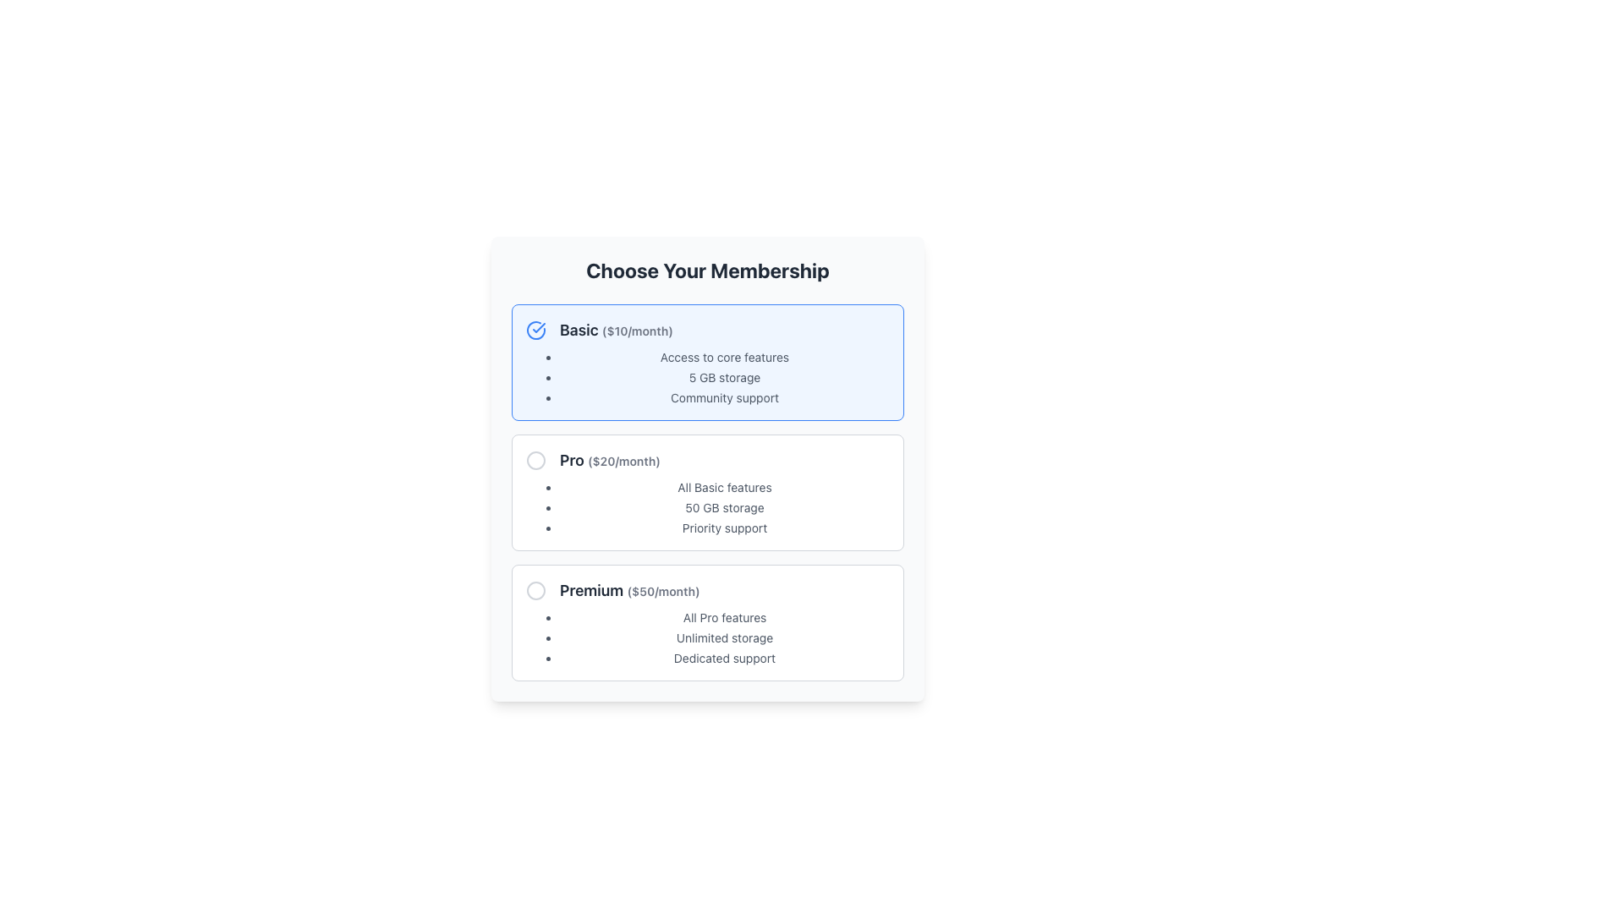 This screenshot has width=1624, height=913. What do you see at coordinates (725, 527) in the screenshot?
I see `the text label 'Priority support', which is the third item in the bullet list under the 'Pro ($20/month)' membership section` at bounding box center [725, 527].